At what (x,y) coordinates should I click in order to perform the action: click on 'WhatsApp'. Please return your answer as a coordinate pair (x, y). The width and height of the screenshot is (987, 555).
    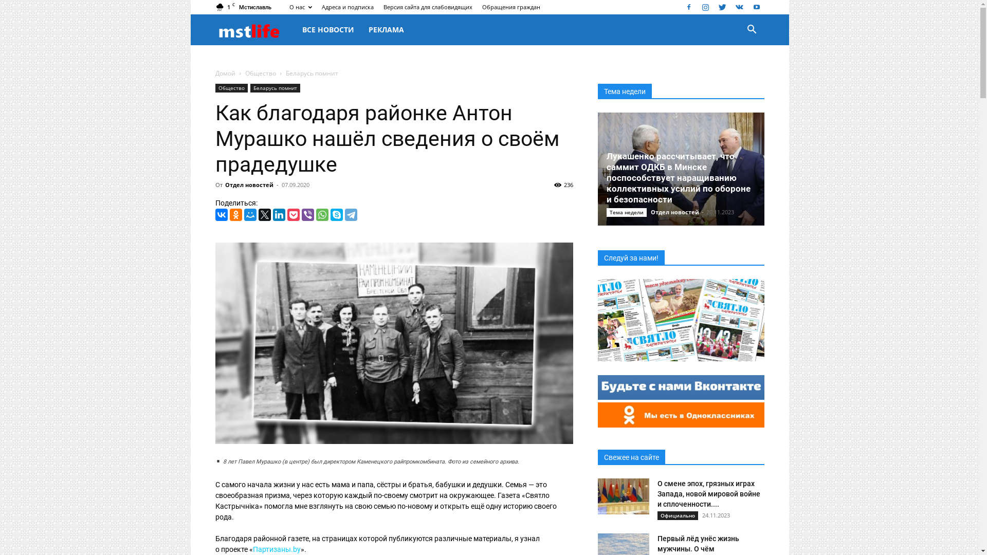
    Looking at the image, I should click on (321, 214).